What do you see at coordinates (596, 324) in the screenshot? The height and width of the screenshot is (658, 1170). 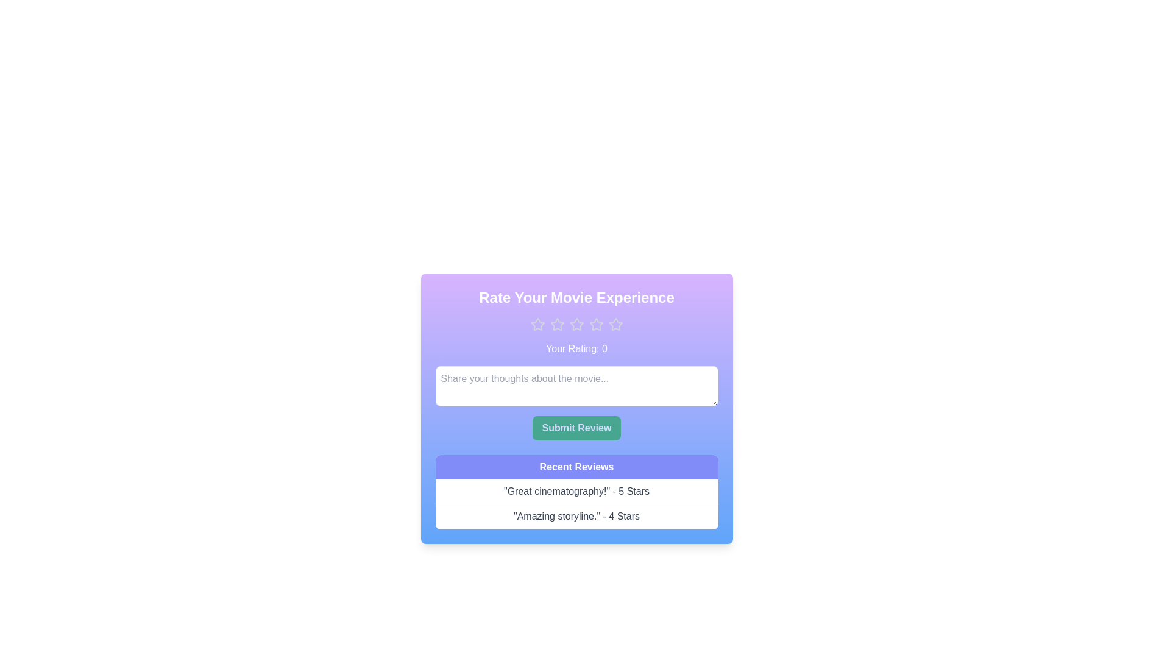 I see `the star corresponding to the desired rating 4` at bounding box center [596, 324].